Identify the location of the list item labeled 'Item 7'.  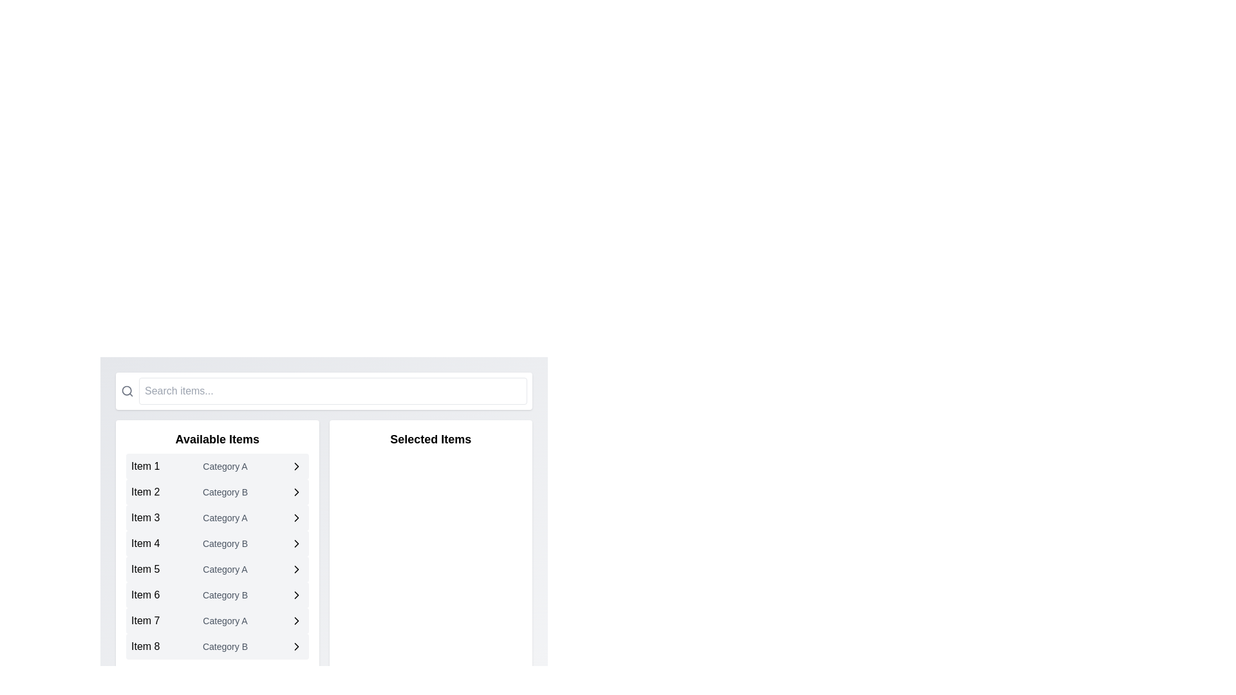
(217, 620).